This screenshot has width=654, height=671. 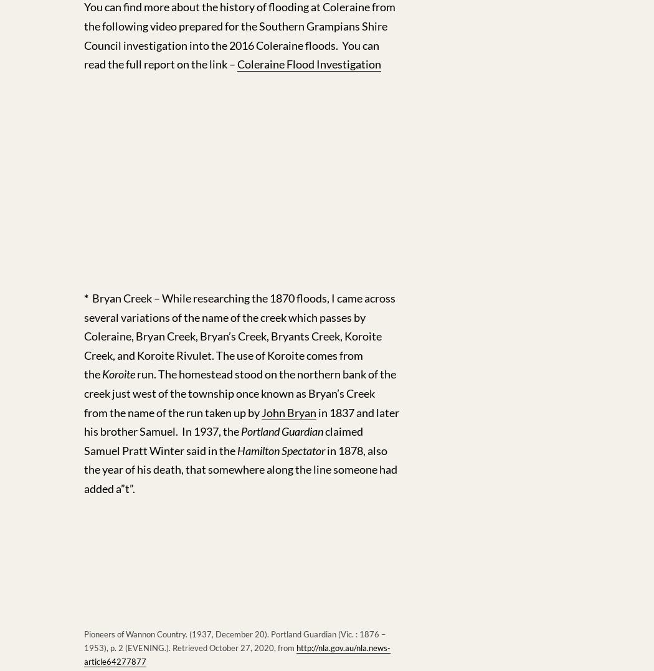 I want to click on 'run. The homestead stood on the northern bank of the creek just west of the township once known as Bryan’s Creek from the name of the run taken up by', so click(x=240, y=392).